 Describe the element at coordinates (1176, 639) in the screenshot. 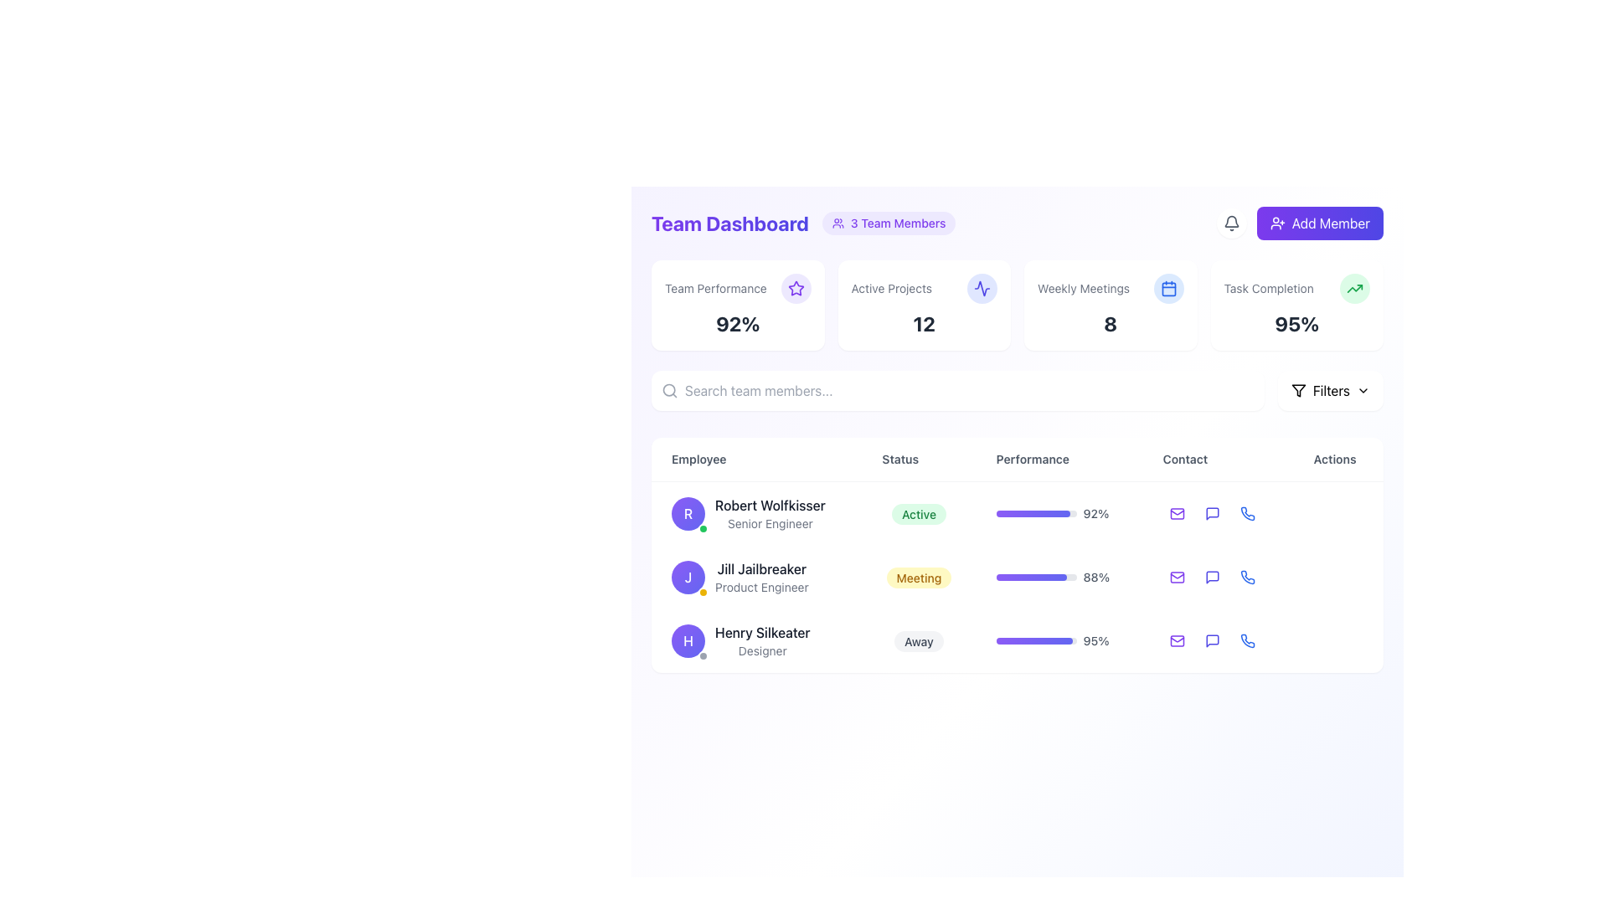

I see `the curved line that forms part of the envelope icon in the 'Contact' column of the interactive table` at that location.